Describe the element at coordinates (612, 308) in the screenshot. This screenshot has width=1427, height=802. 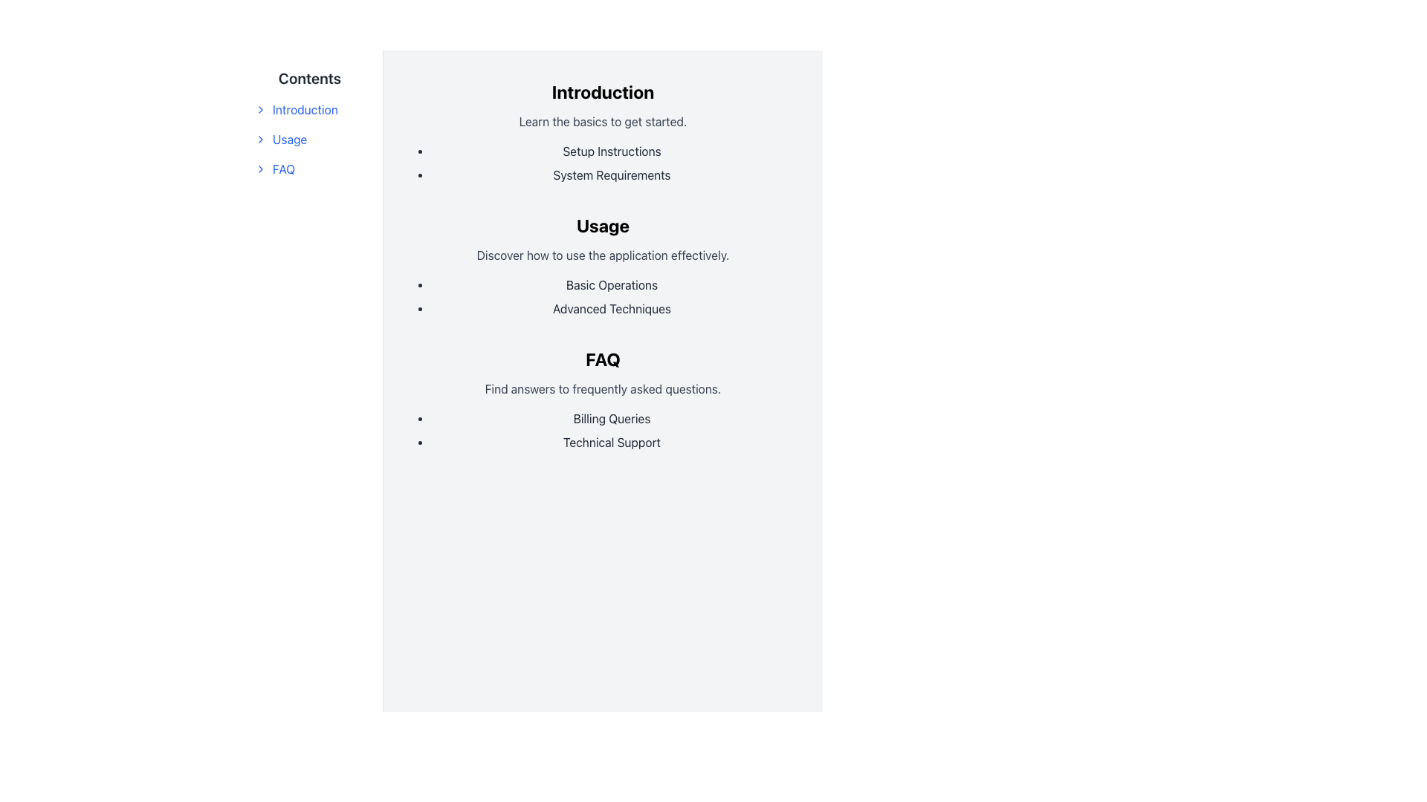
I see `text label that serves as a heading for advanced usage techniques, positioned under 'Basic Operations' and above 'FAQ'` at that location.